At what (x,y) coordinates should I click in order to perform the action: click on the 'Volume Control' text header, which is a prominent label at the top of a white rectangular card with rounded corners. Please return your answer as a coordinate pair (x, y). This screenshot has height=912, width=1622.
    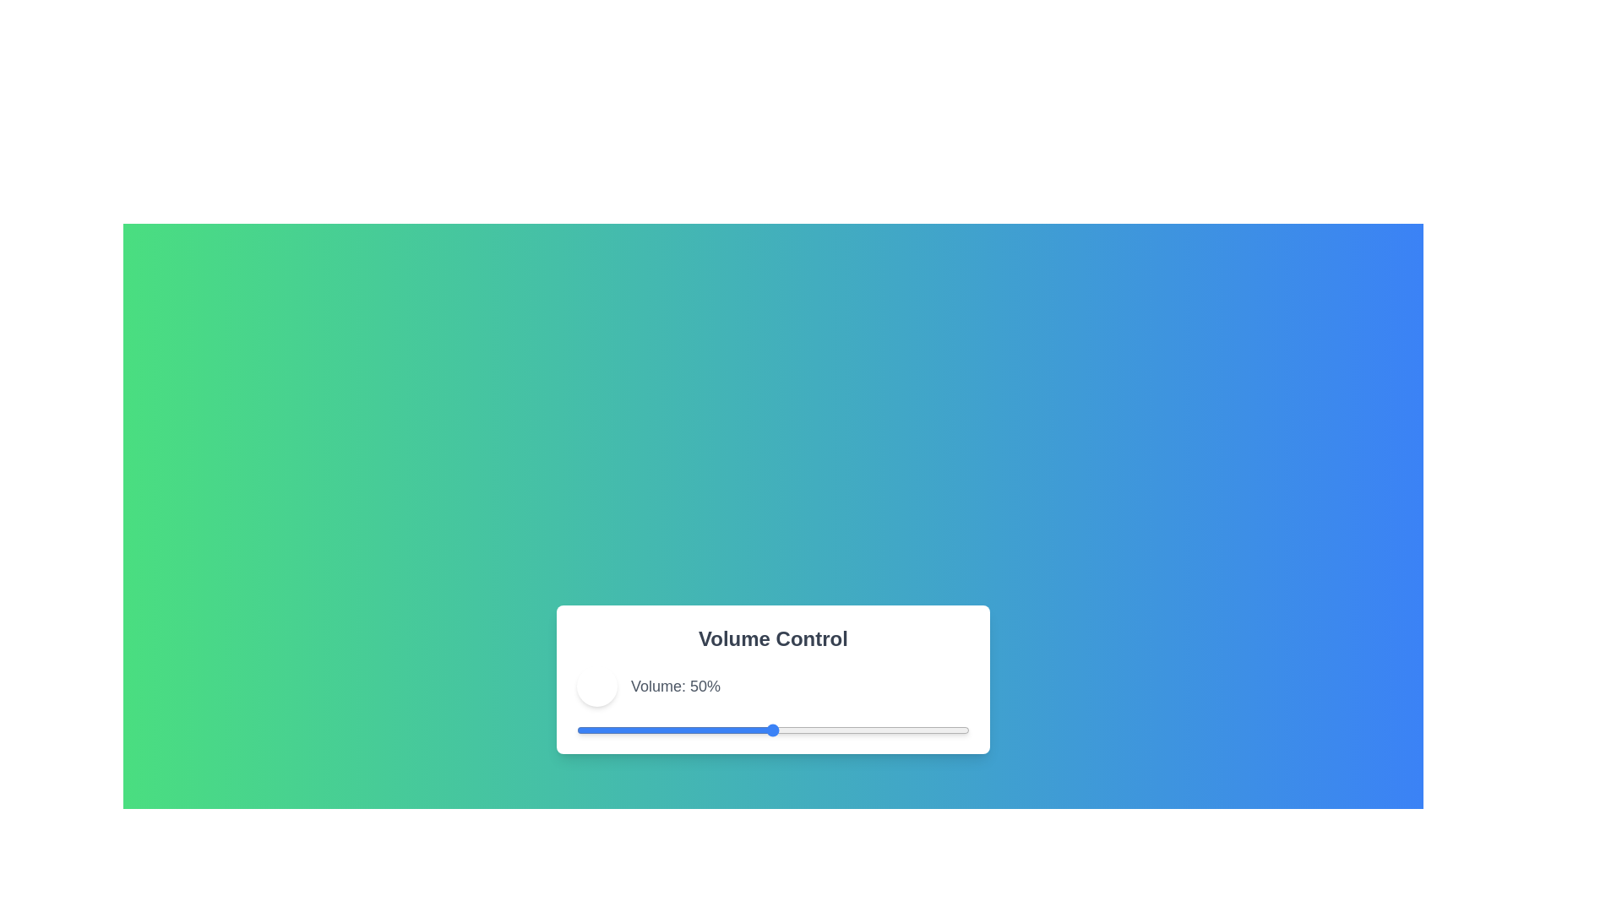
    Looking at the image, I should click on (772, 638).